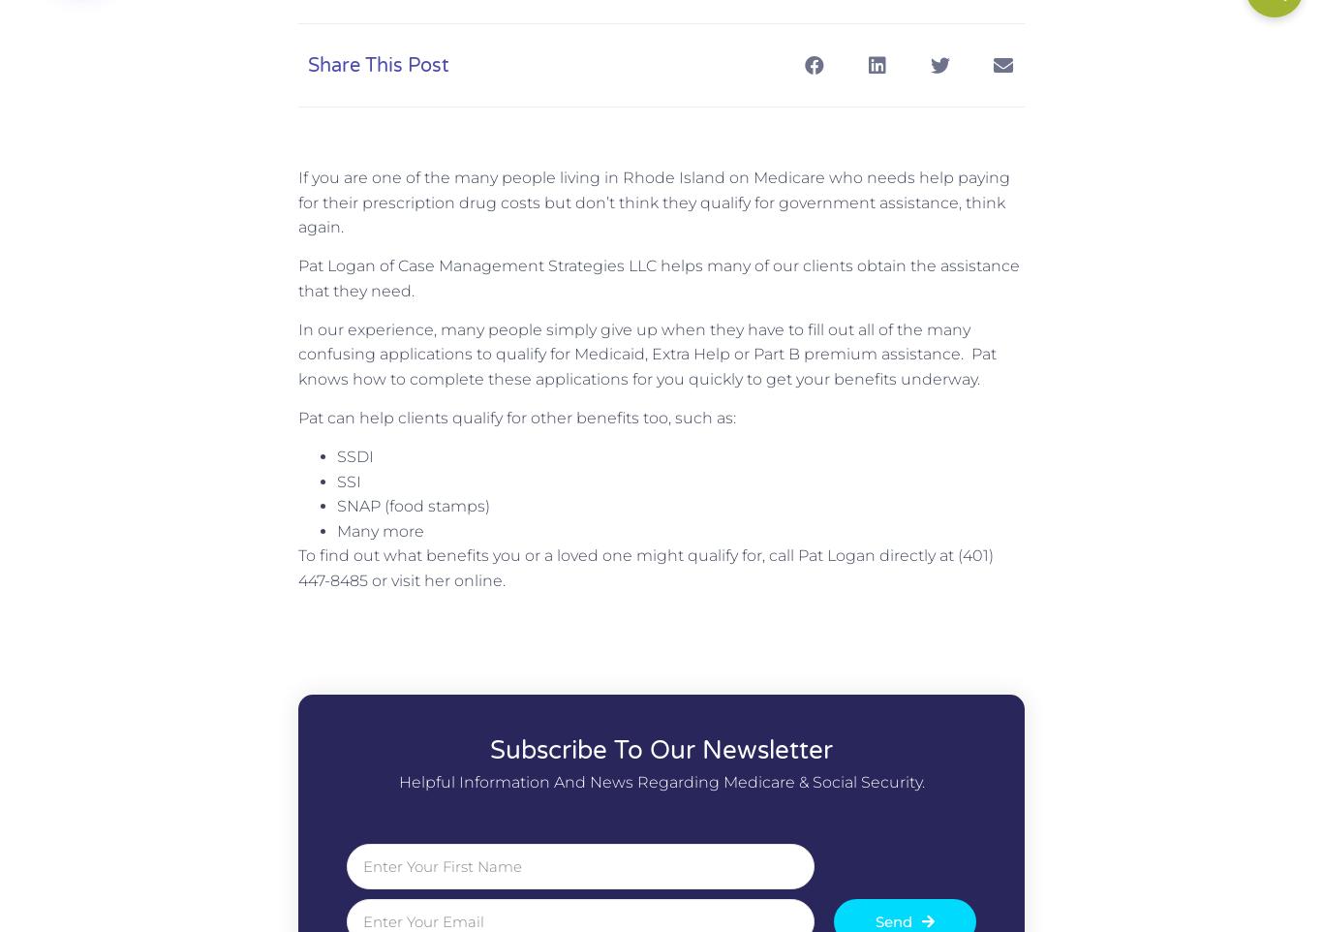 This screenshot has height=932, width=1323. Describe the element at coordinates (379, 530) in the screenshot. I see `'Many more'` at that location.